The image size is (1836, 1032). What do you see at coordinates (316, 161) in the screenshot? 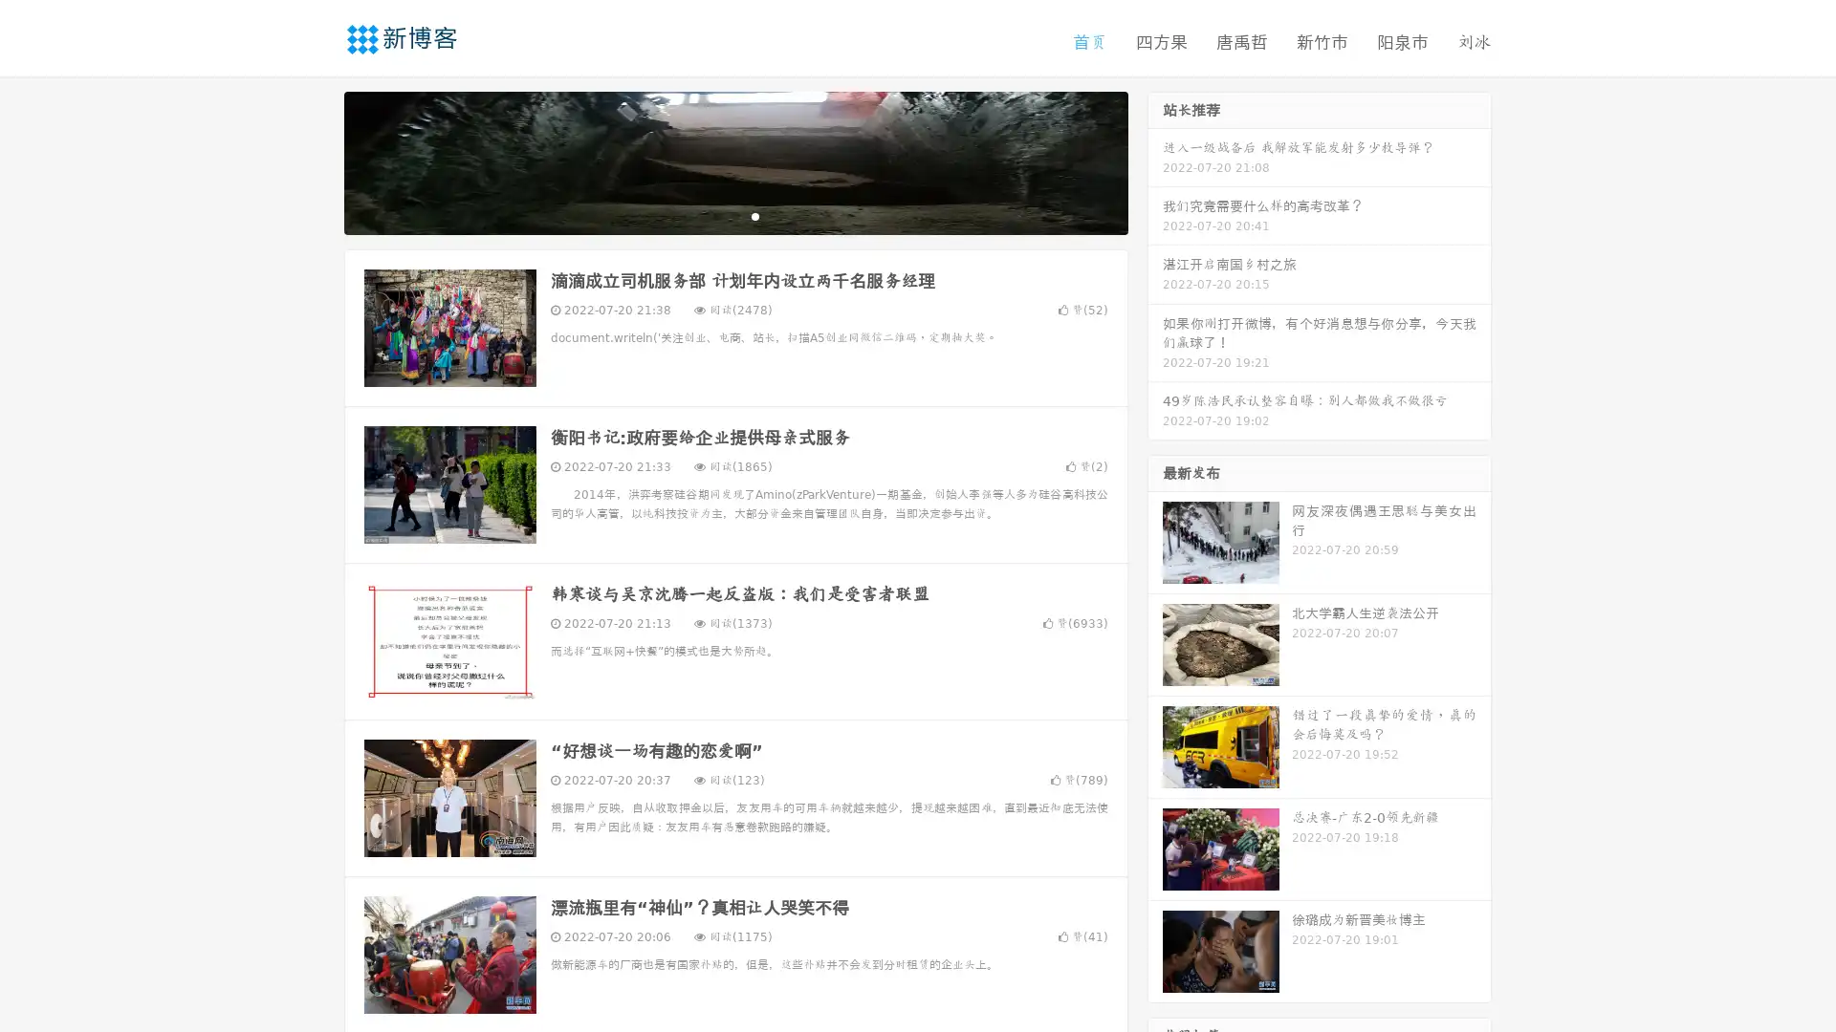
I see `Previous slide` at bounding box center [316, 161].